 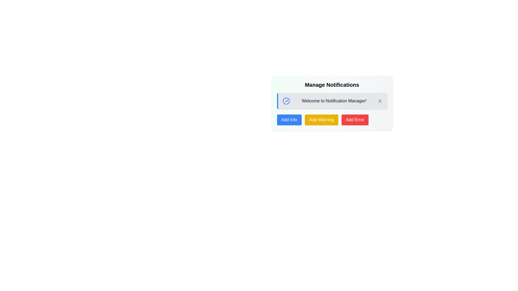 I want to click on the Notification component with a blue rounded border and the text 'Welcome to Notification Manager!' for additional actions, so click(x=332, y=101).